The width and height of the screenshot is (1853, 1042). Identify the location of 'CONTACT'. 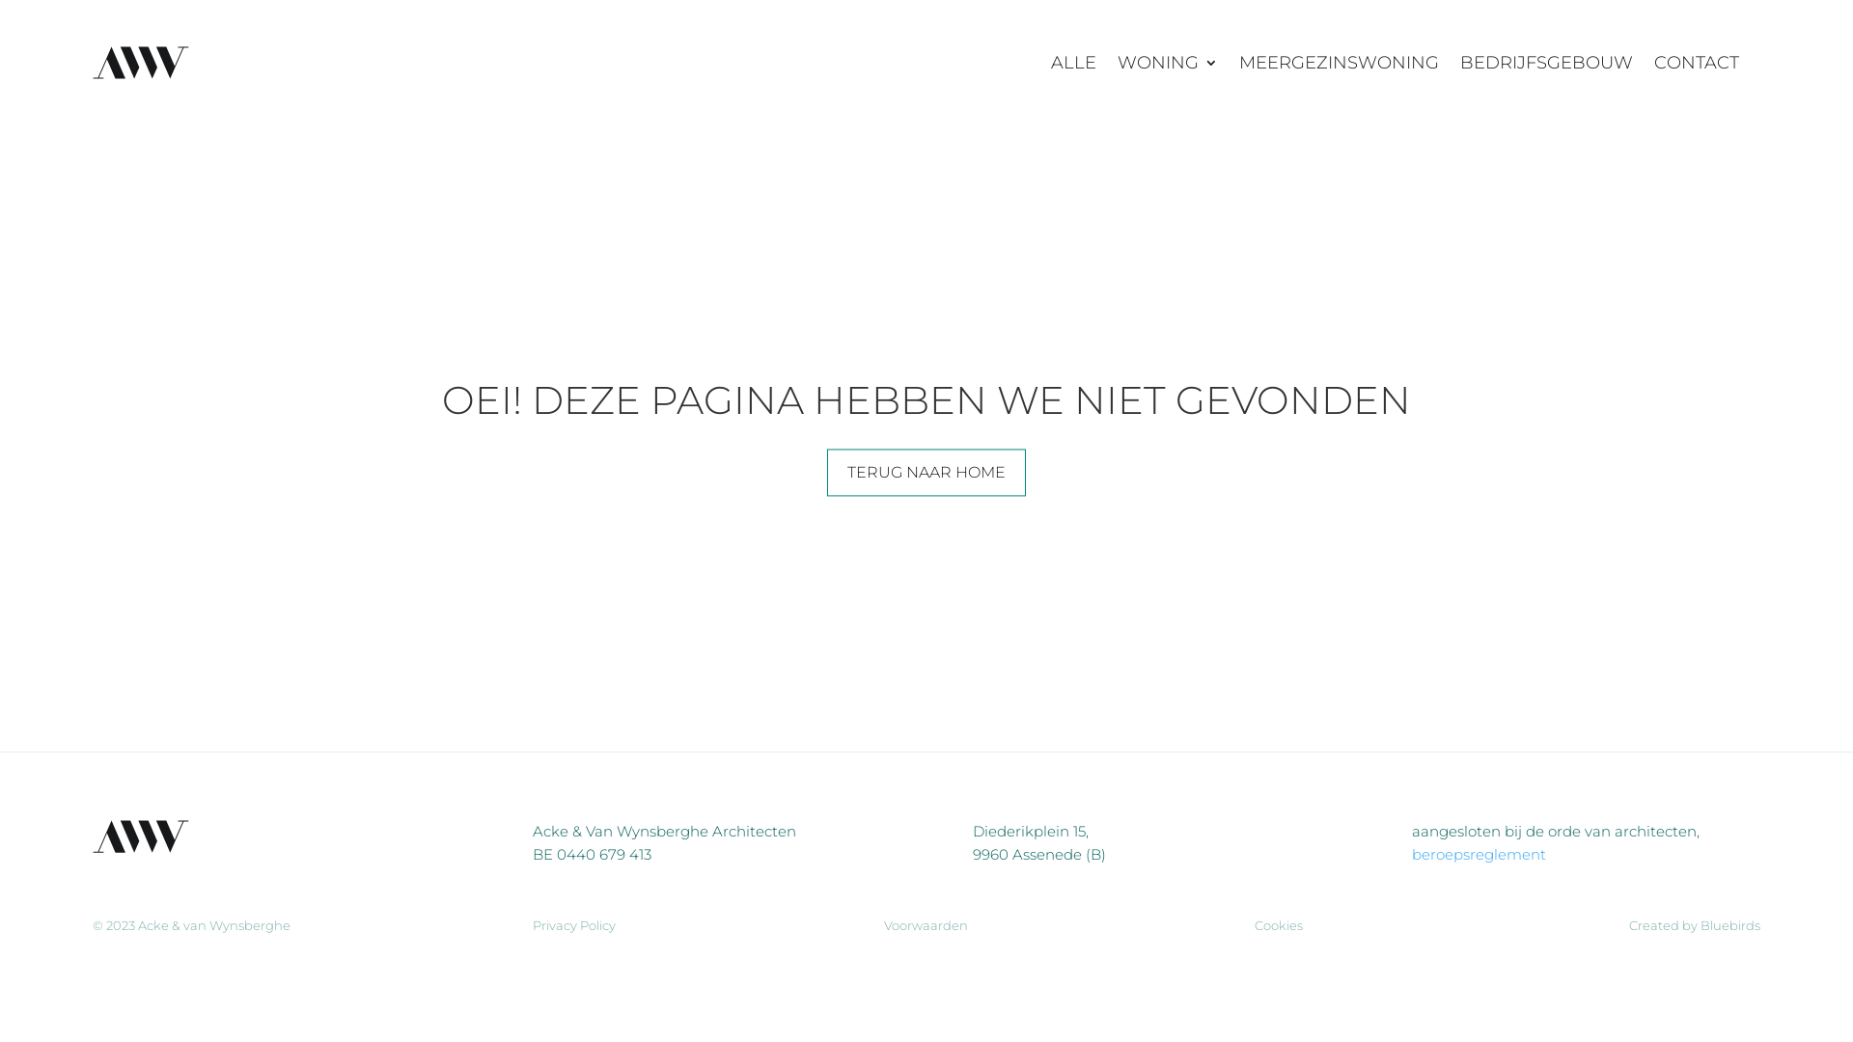
(1695, 62).